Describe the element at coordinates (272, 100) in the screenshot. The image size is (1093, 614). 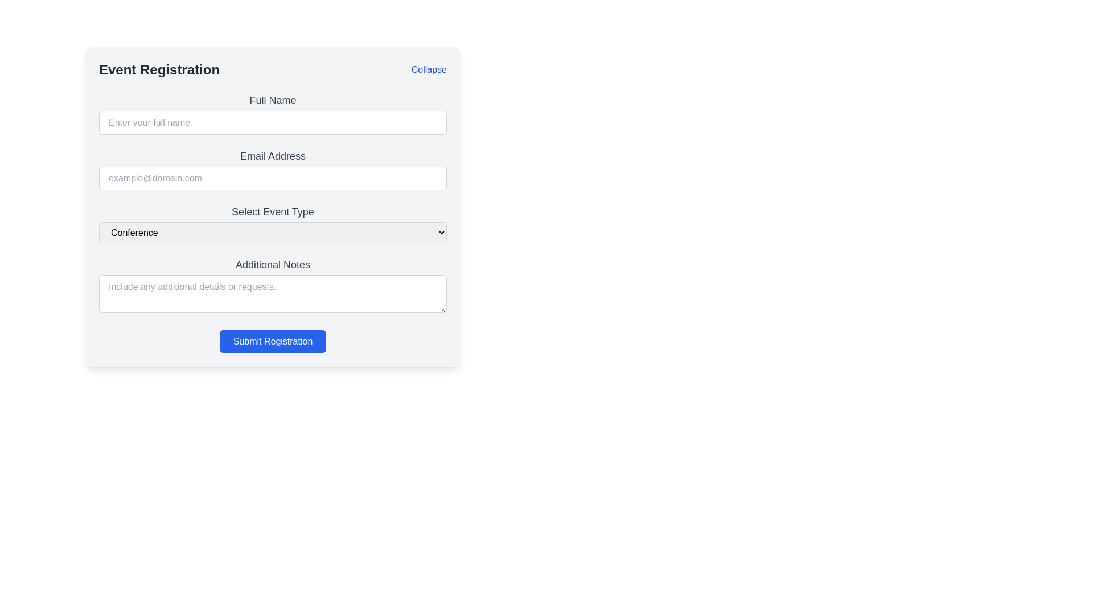
I see `the 'Full Name' text label which instructs the user to provide their name, located near the top section of the main form interface` at that location.